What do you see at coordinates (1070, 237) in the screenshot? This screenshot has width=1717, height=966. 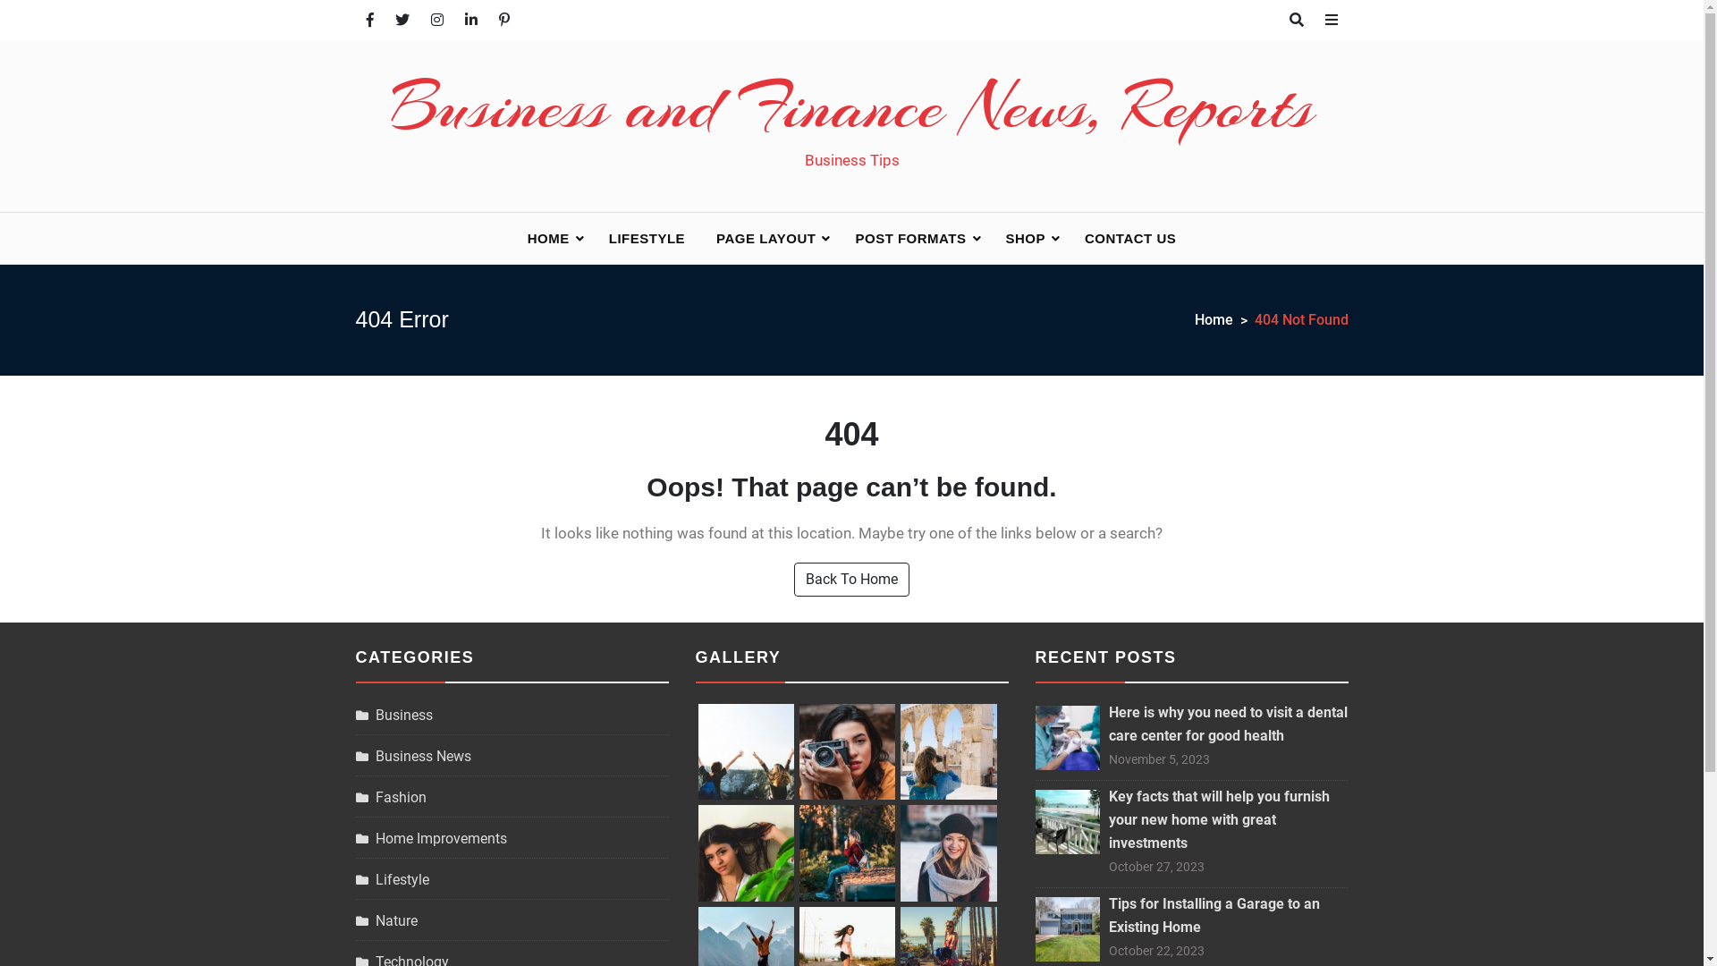 I see `'CONTACT US'` at bounding box center [1070, 237].